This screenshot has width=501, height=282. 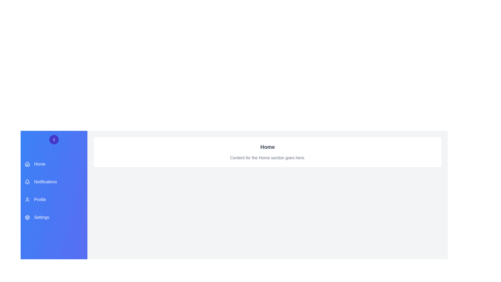 What do you see at coordinates (27, 199) in the screenshot?
I see `the small user icon located to the left of the 'Profile' label text in the vertical navigation menu, which is the third icon from the top` at bounding box center [27, 199].